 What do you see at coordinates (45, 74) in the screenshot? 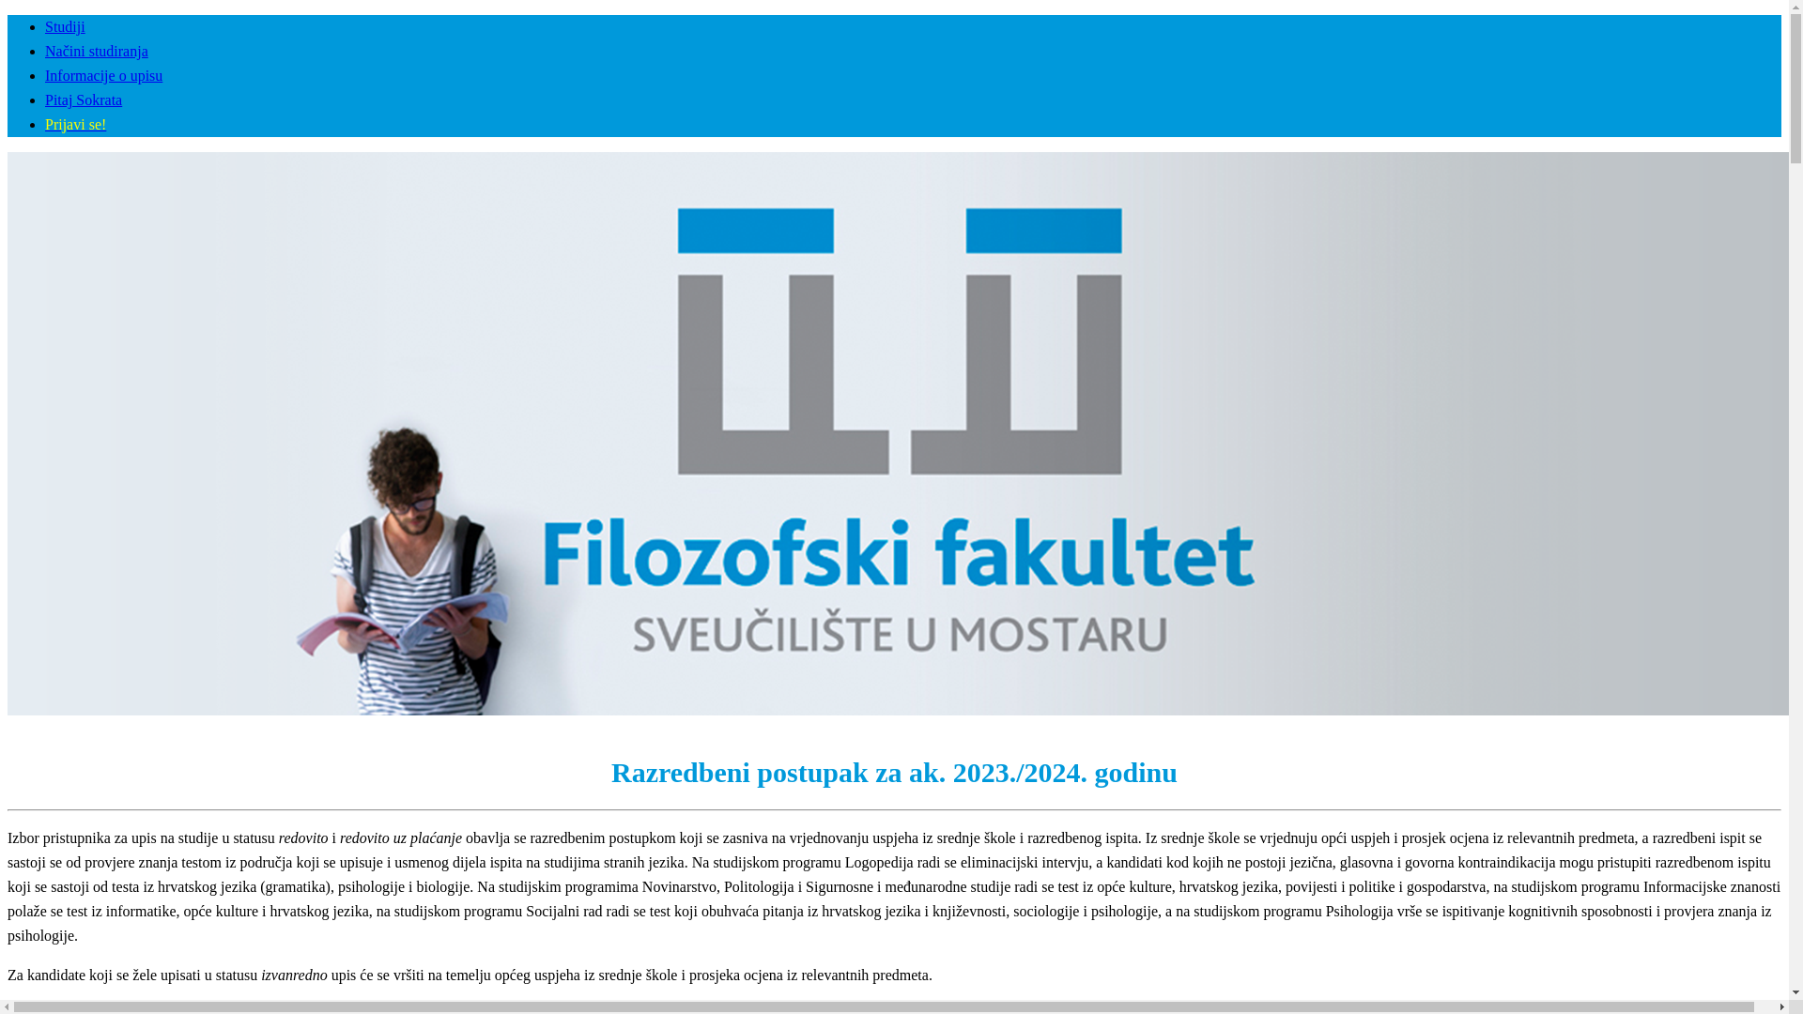
I see `'Informacije o upisu'` at bounding box center [45, 74].